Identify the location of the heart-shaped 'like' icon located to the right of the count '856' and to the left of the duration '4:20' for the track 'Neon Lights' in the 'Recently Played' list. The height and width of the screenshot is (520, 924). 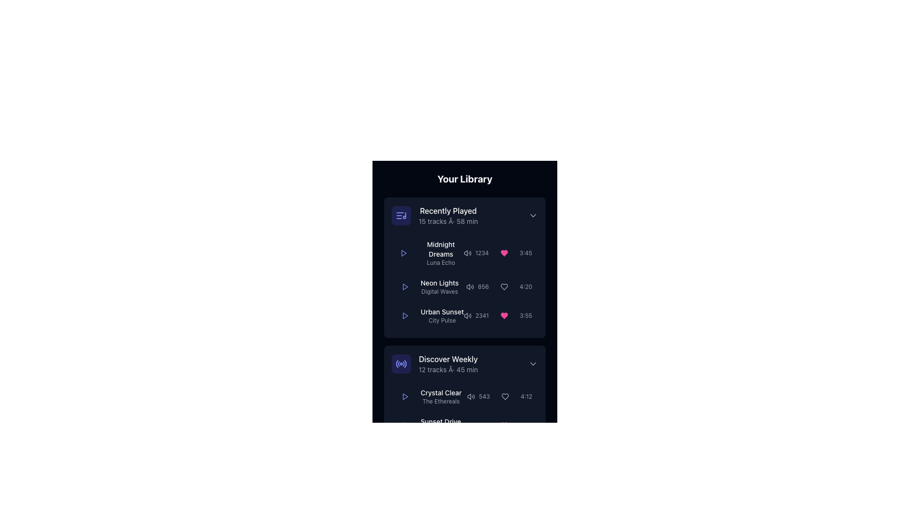
(503, 286).